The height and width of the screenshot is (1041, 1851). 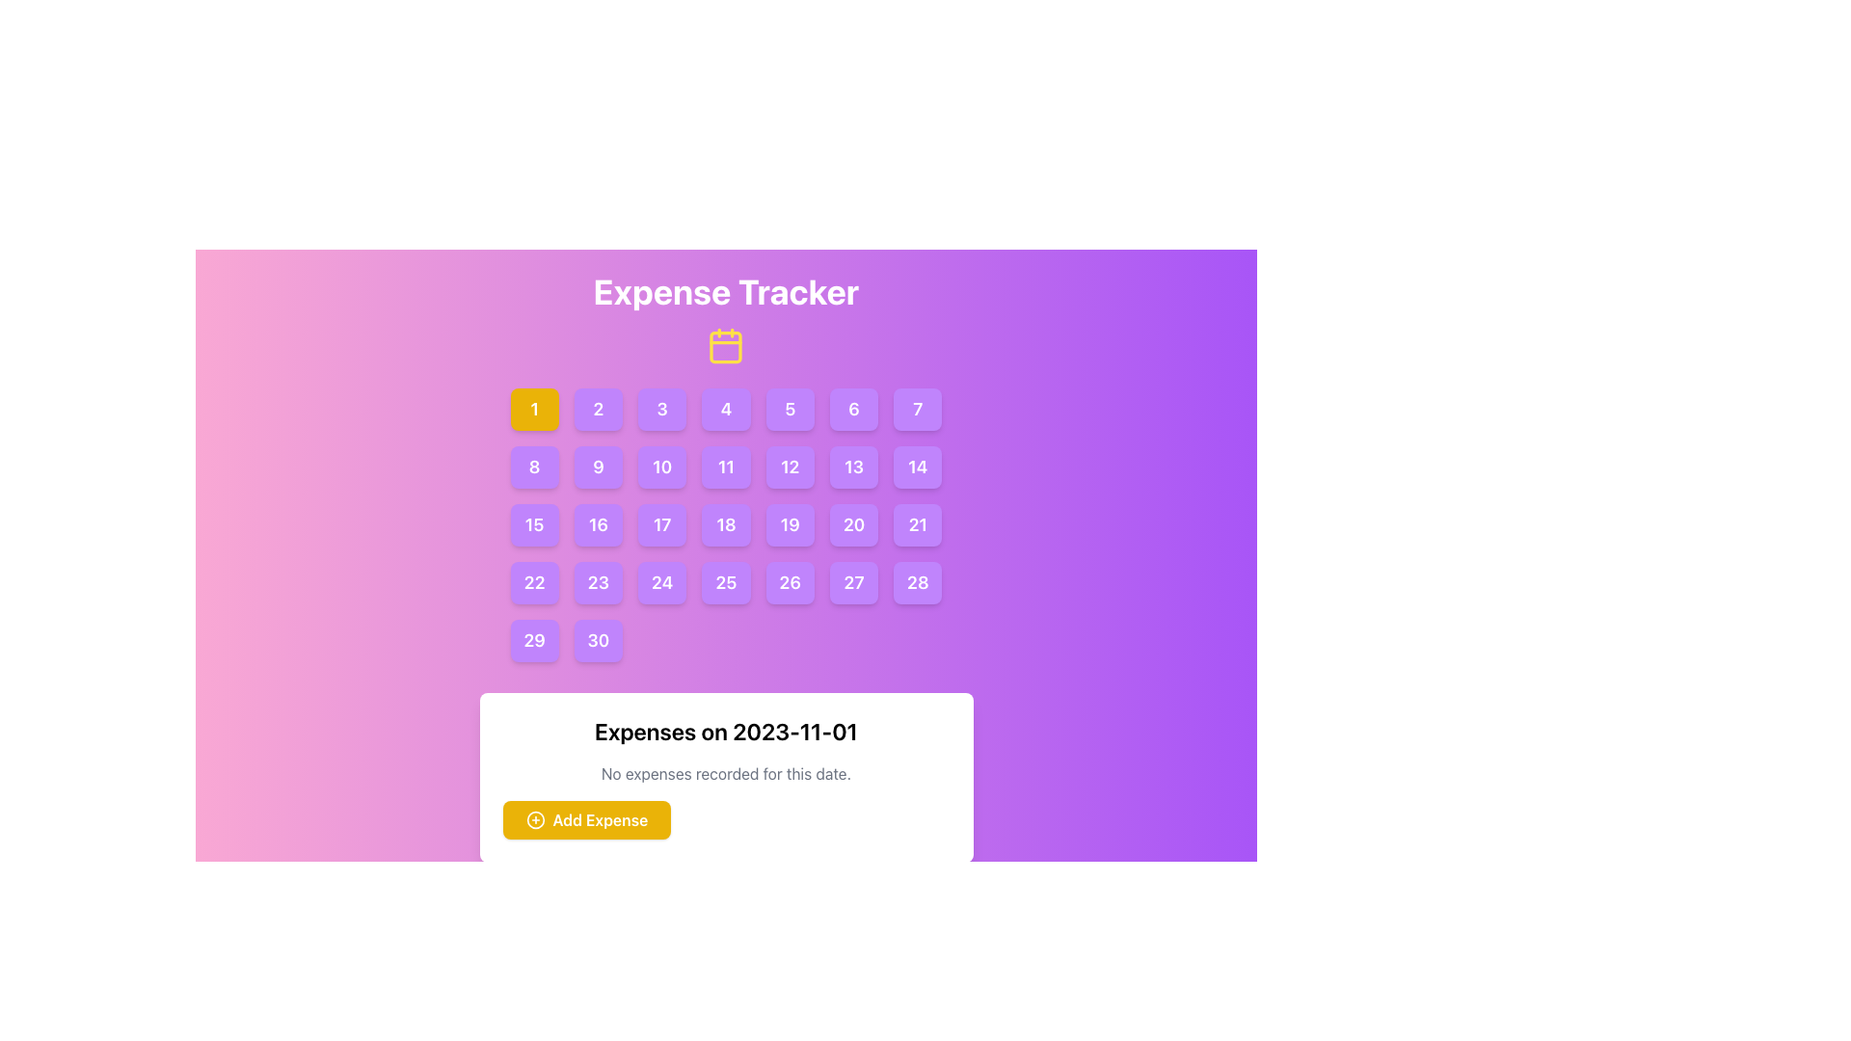 I want to click on the calendar-themed icon depicted in yellow against a purple background, located below the 'Expense Tracker' heading, so click(x=725, y=344).